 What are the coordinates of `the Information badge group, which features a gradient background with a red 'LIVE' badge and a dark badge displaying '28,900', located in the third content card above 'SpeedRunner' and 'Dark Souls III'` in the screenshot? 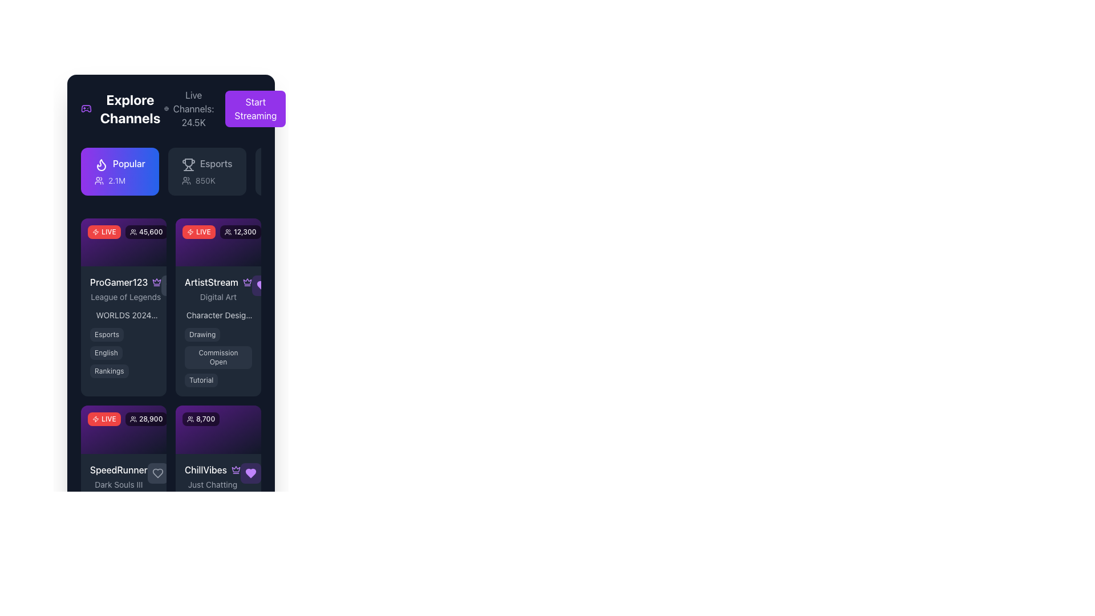 It's located at (123, 429).